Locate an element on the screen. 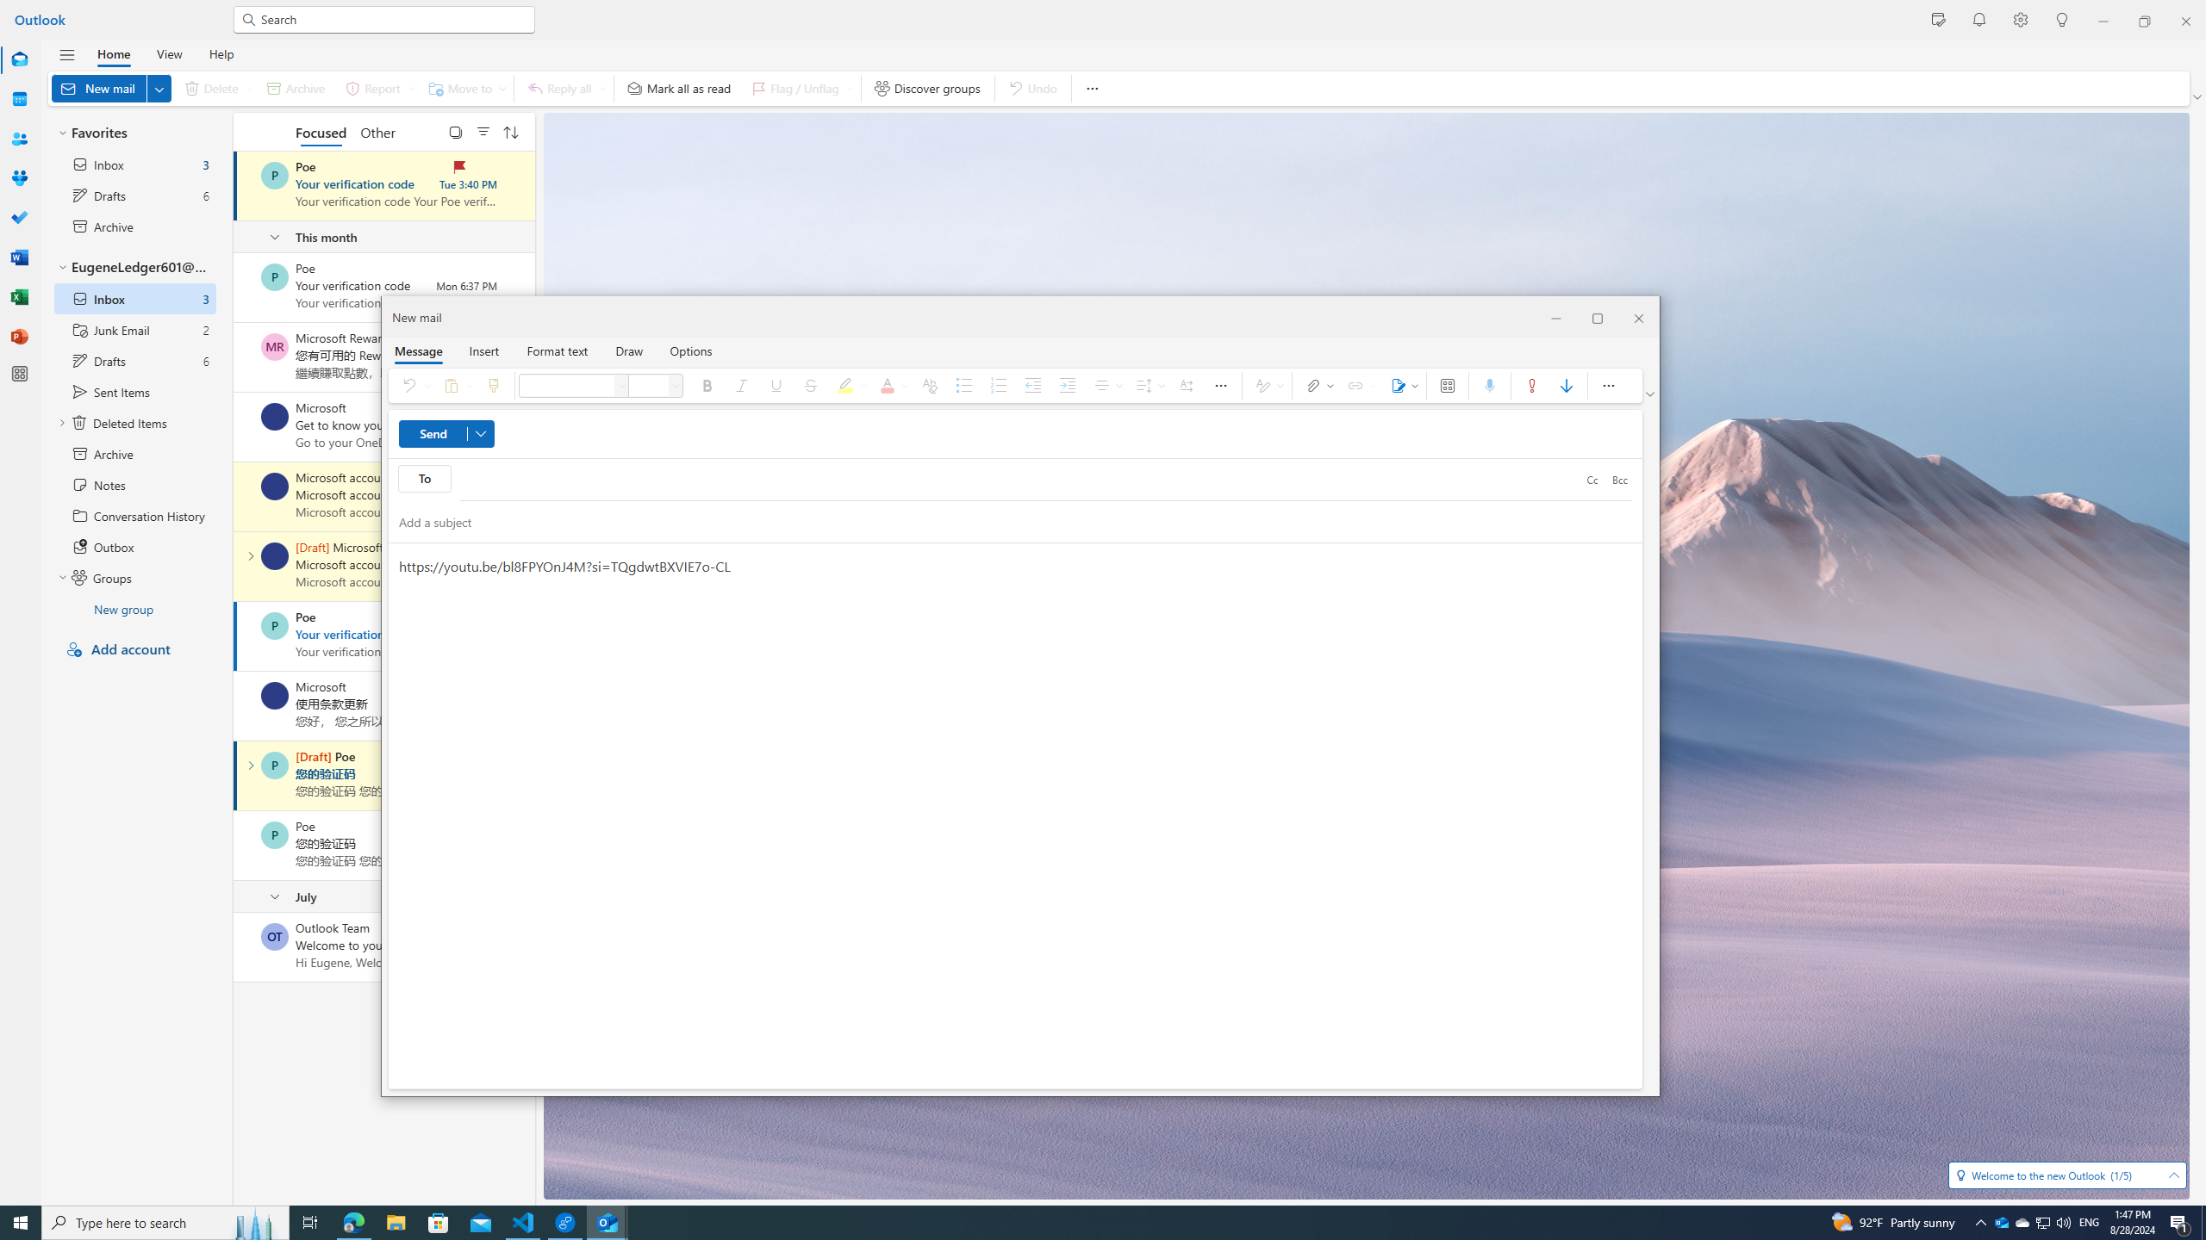 This screenshot has width=2206, height=1240. 'Ribbon display options' is located at coordinates (1650, 393).